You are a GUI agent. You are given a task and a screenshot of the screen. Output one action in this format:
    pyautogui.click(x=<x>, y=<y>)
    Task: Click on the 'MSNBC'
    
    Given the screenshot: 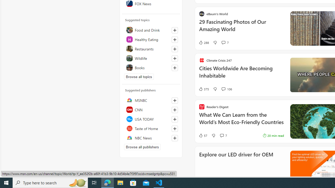 What is the action you would take?
    pyautogui.click(x=151, y=100)
    